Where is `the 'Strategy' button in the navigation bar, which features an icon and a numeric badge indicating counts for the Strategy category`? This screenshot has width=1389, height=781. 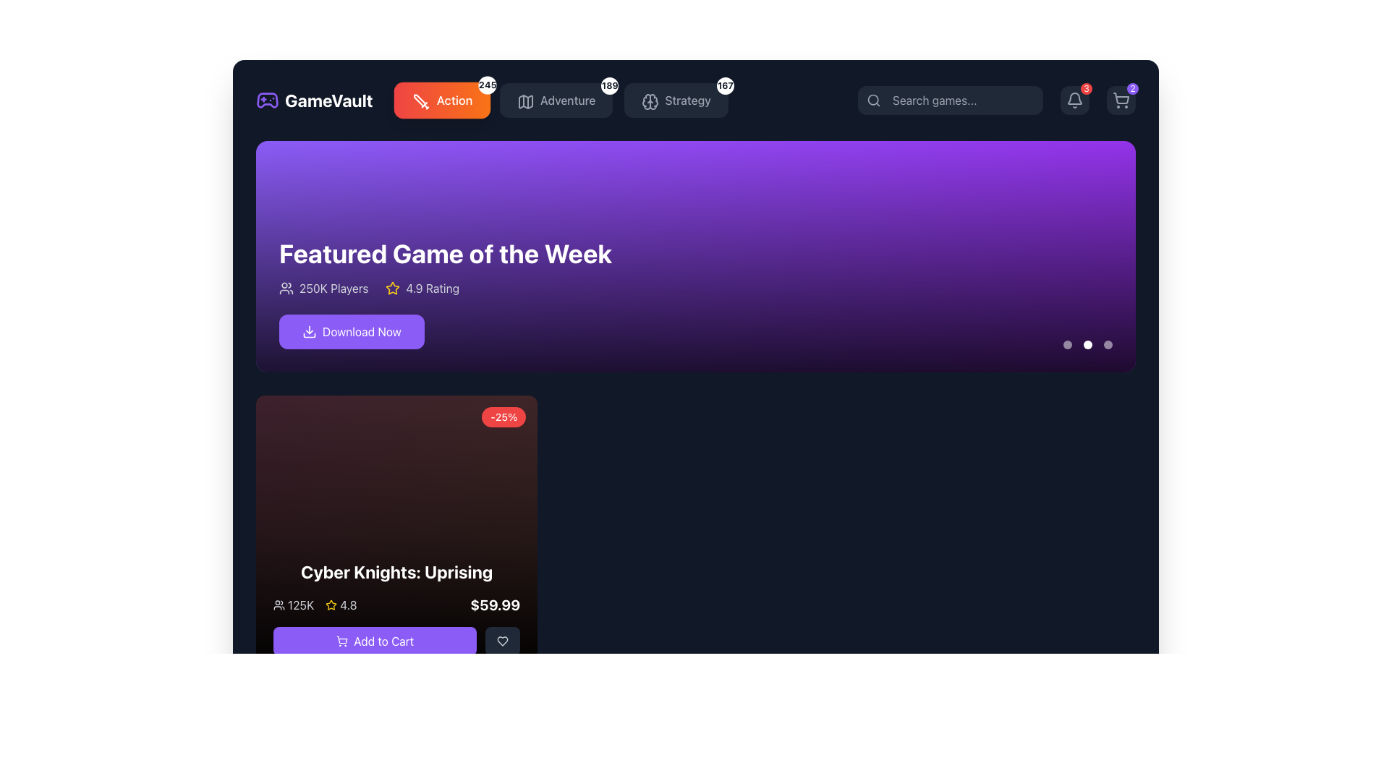 the 'Strategy' button in the navigation bar, which features an icon and a numeric badge indicating counts for the Strategy category is located at coordinates (695, 99).